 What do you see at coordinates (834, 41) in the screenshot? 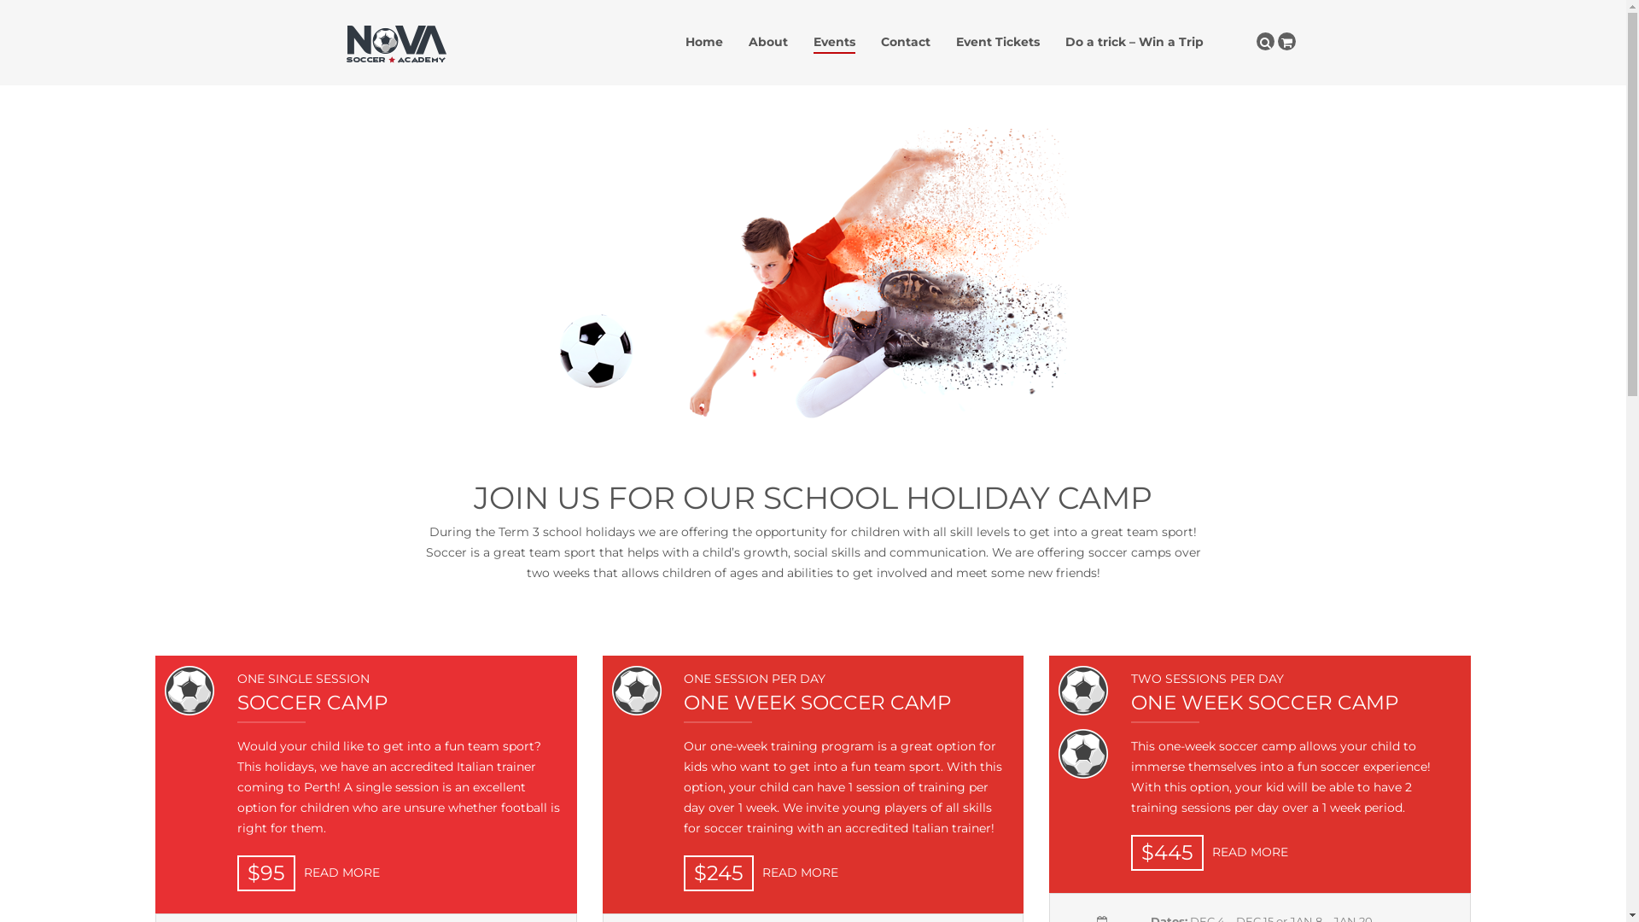
I see `'Events'` at bounding box center [834, 41].